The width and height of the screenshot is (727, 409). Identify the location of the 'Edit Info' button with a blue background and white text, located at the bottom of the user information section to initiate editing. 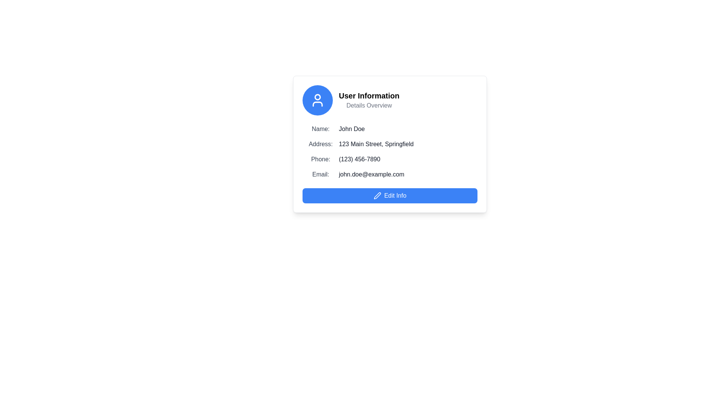
(390, 195).